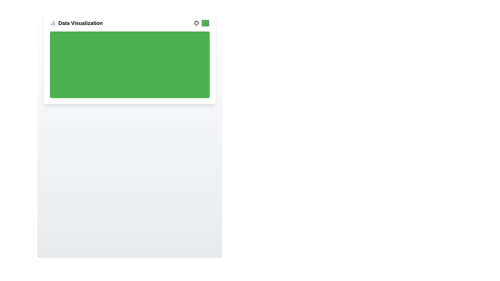 This screenshot has width=500, height=281. I want to click on the text label with an icon positioned at the top-left corner of the rectangular green content area, which categorizes or labels the adjacent content, so click(76, 23).